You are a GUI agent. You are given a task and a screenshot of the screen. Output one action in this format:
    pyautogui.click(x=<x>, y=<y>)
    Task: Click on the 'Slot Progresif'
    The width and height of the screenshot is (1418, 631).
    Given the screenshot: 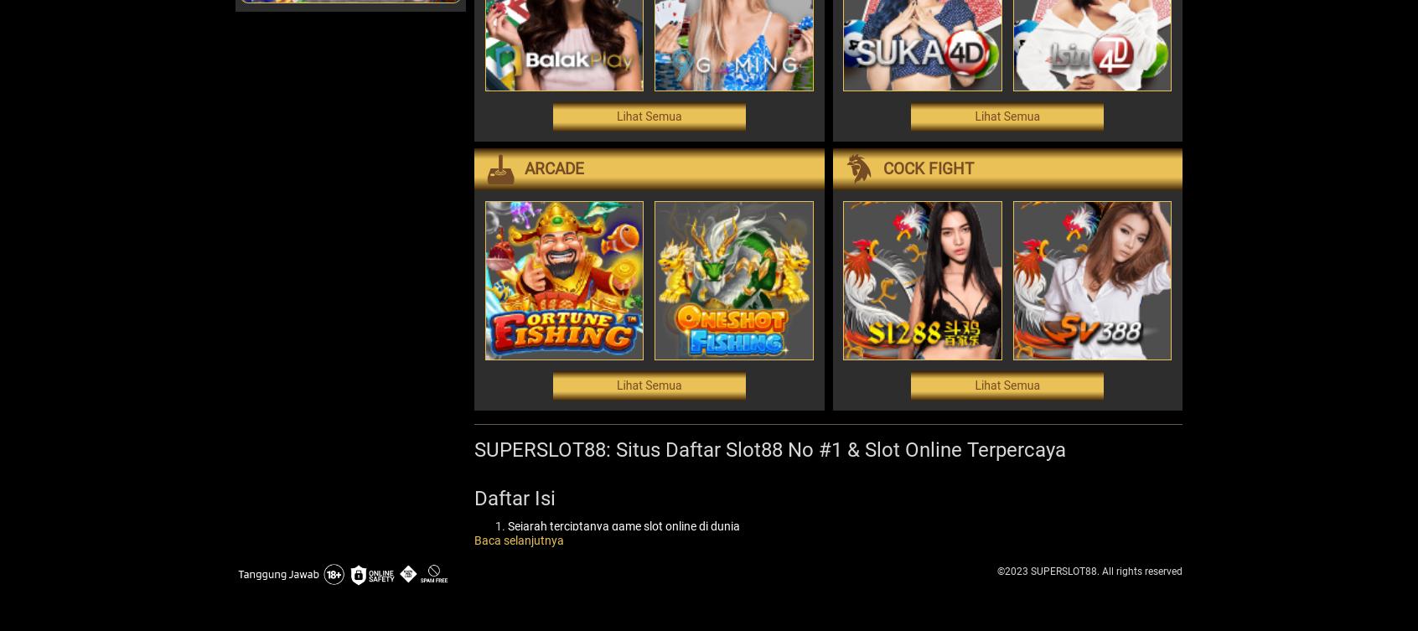 What is the action you would take?
    pyautogui.click(x=576, y=596)
    